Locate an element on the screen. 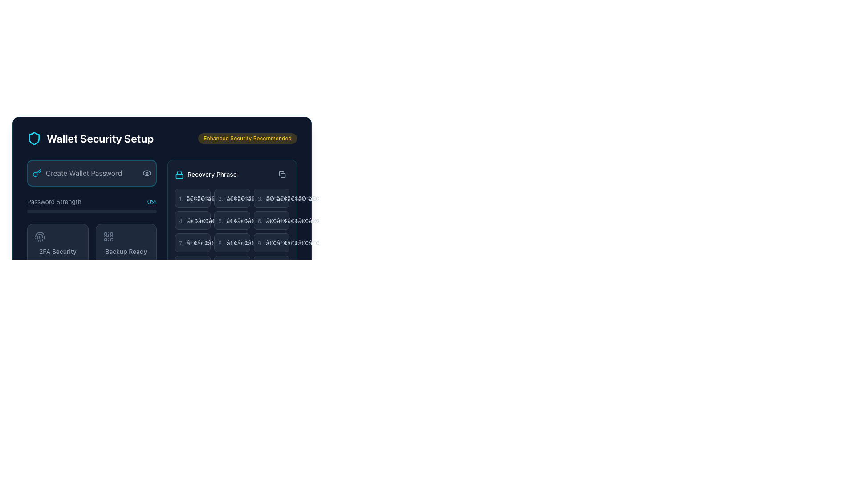  the text label indicating the strength of the password being created, which is located near the top-middle-right area of the interface and follows the text 'Password Strength' is located at coordinates (152, 201).